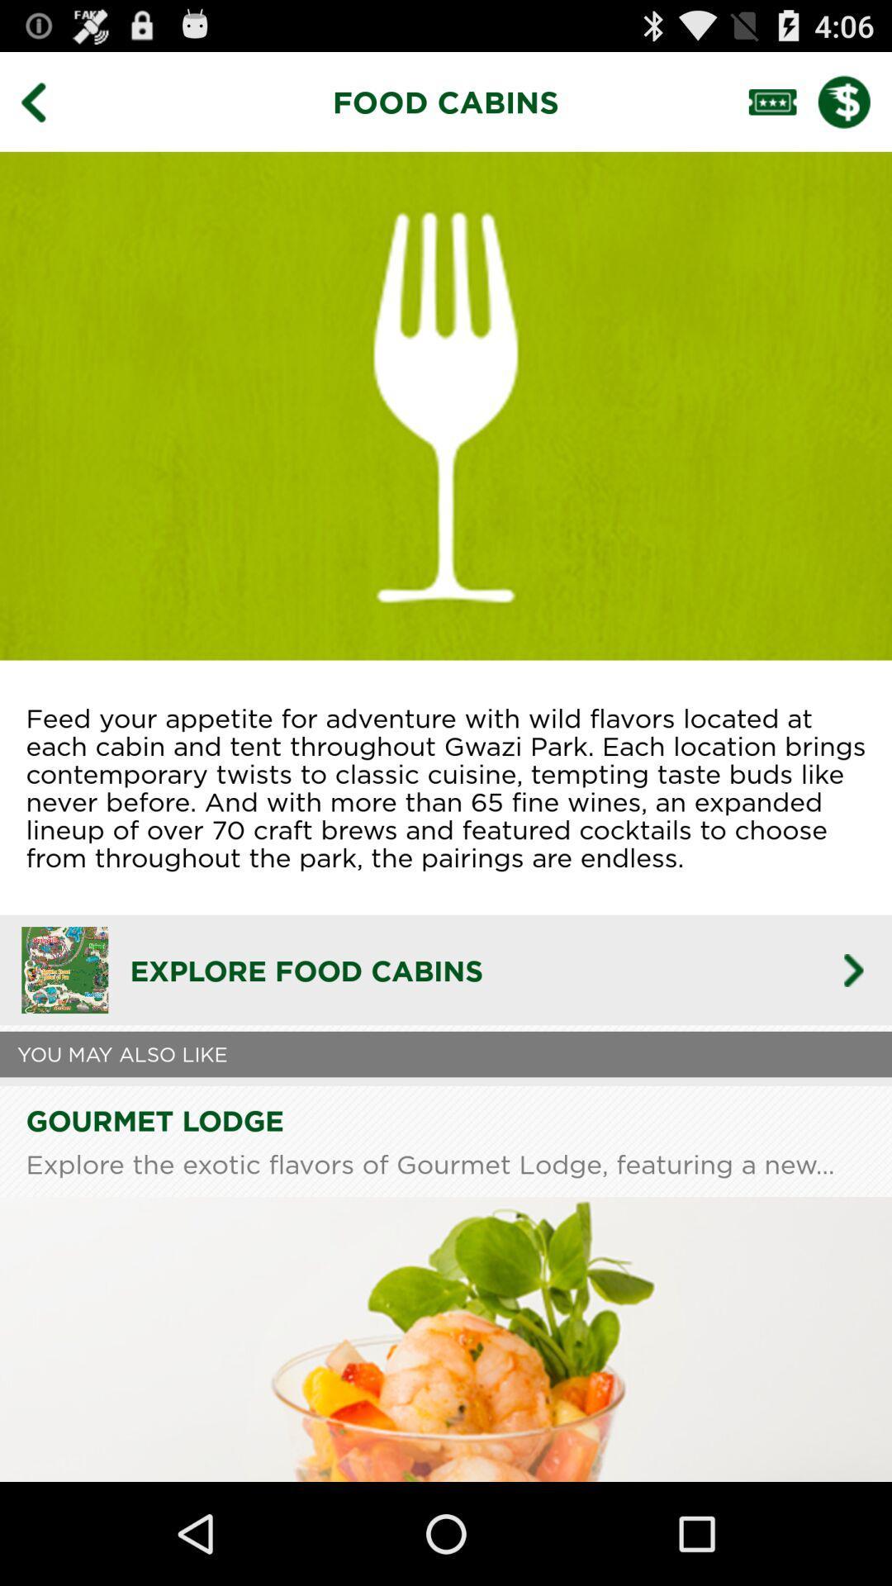 Image resolution: width=892 pixels, height=1586 pixels. I want to click on the app to the left of food cabins app, so click(45, 101).